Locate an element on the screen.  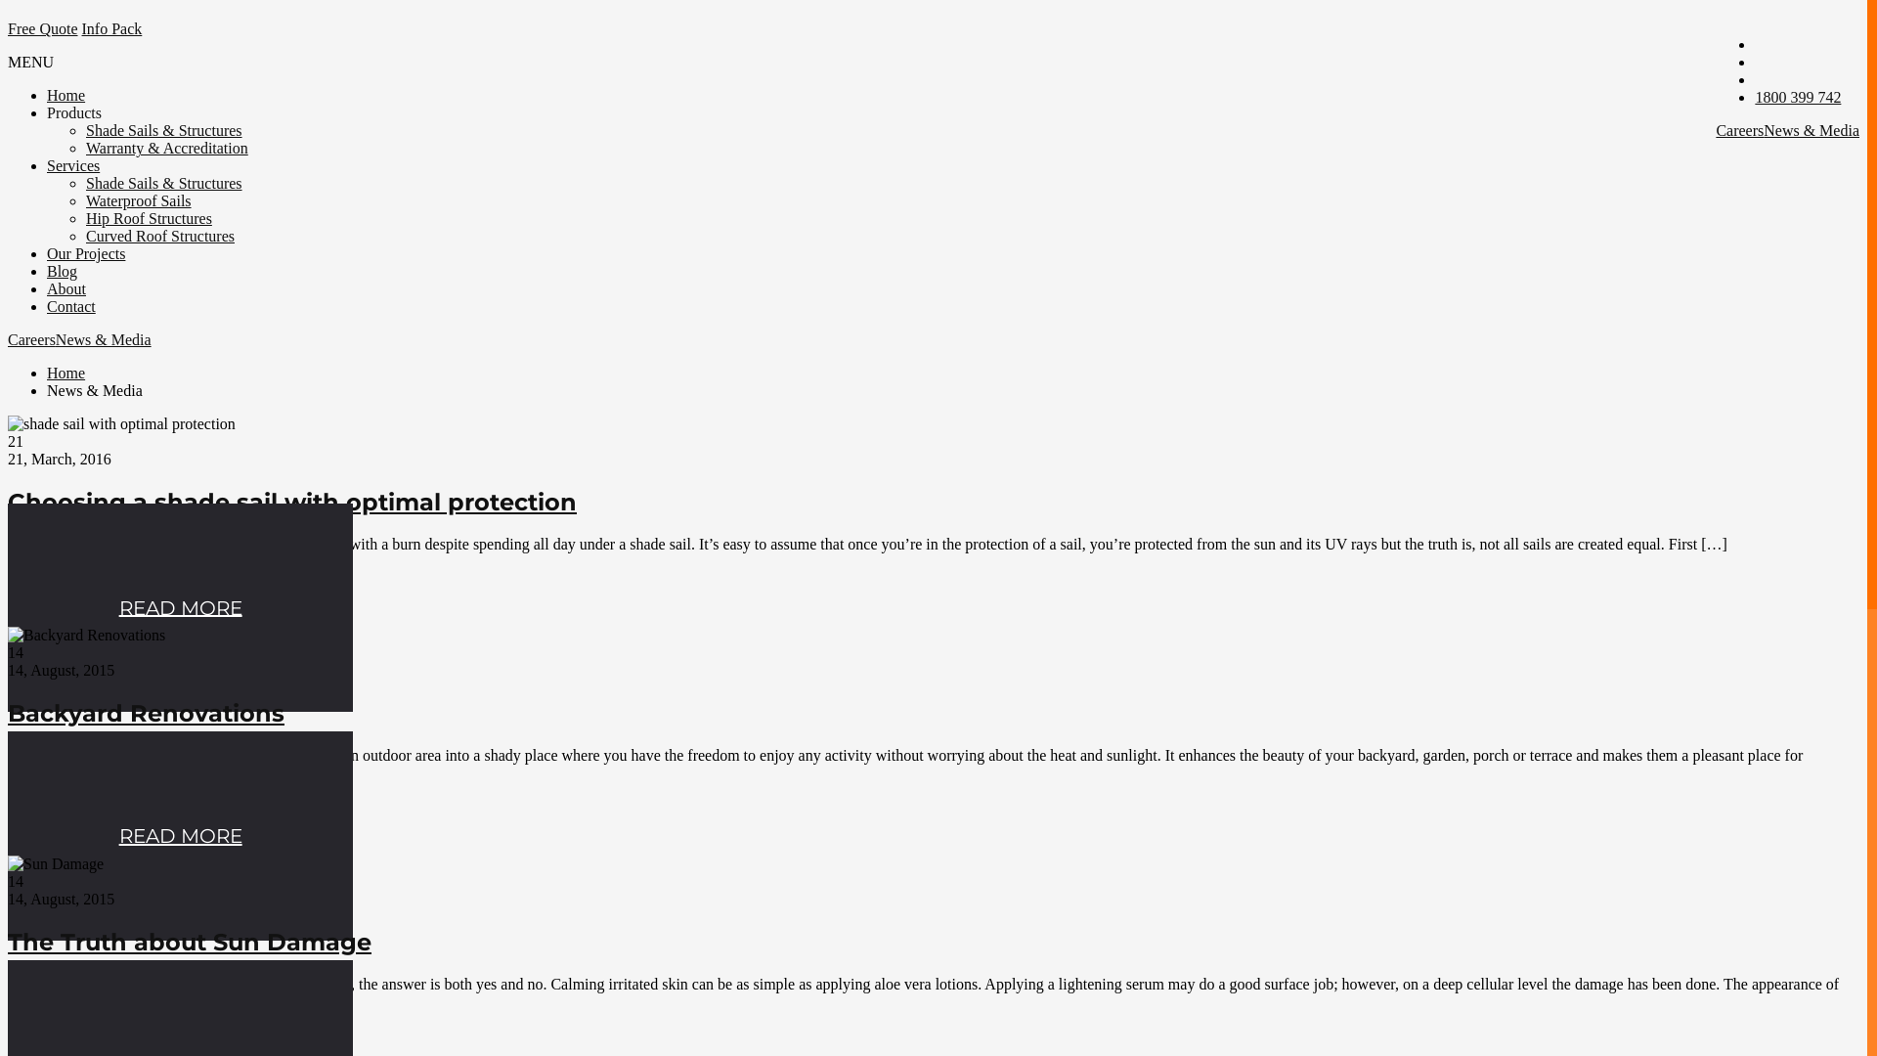
'Blog' is located at coordinates (62, 271).